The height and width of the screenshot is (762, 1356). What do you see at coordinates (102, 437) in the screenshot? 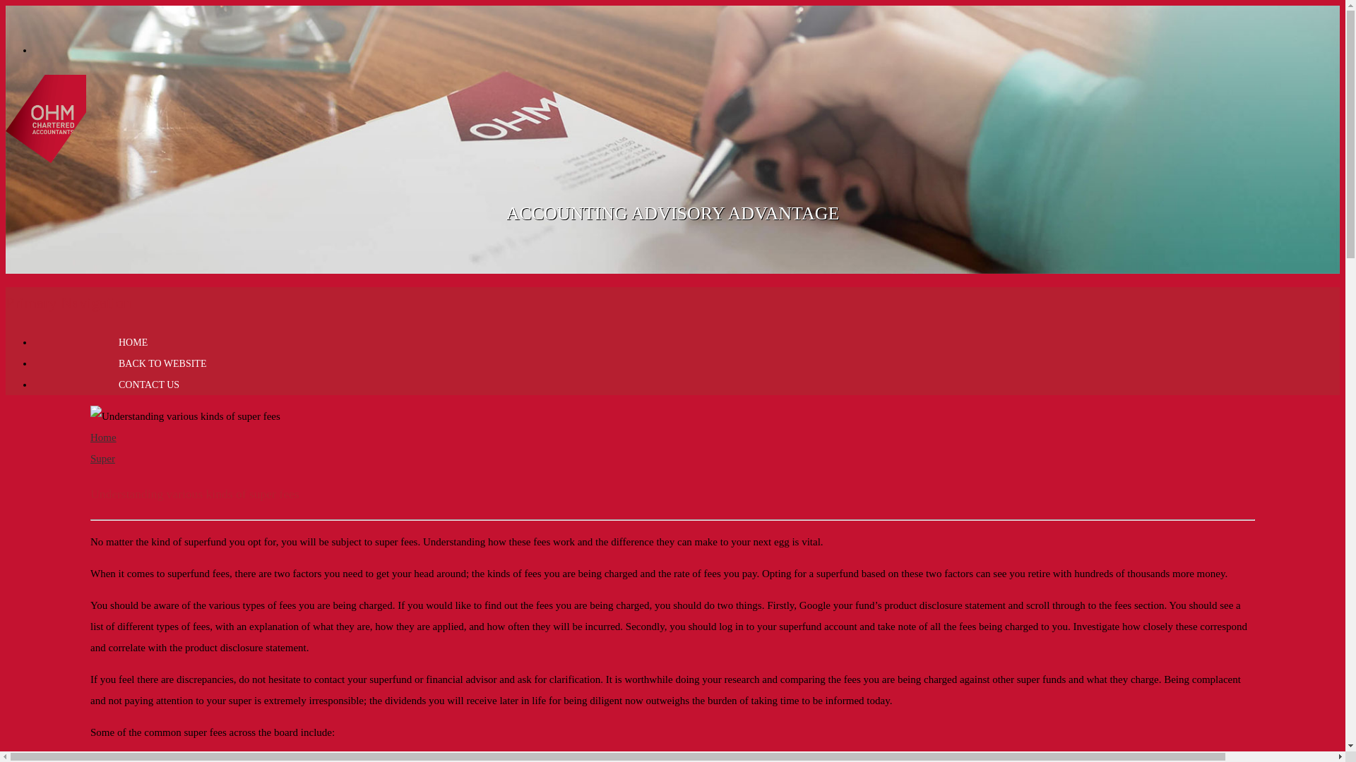
I see `'Home'` at bounding box center [102, 437].